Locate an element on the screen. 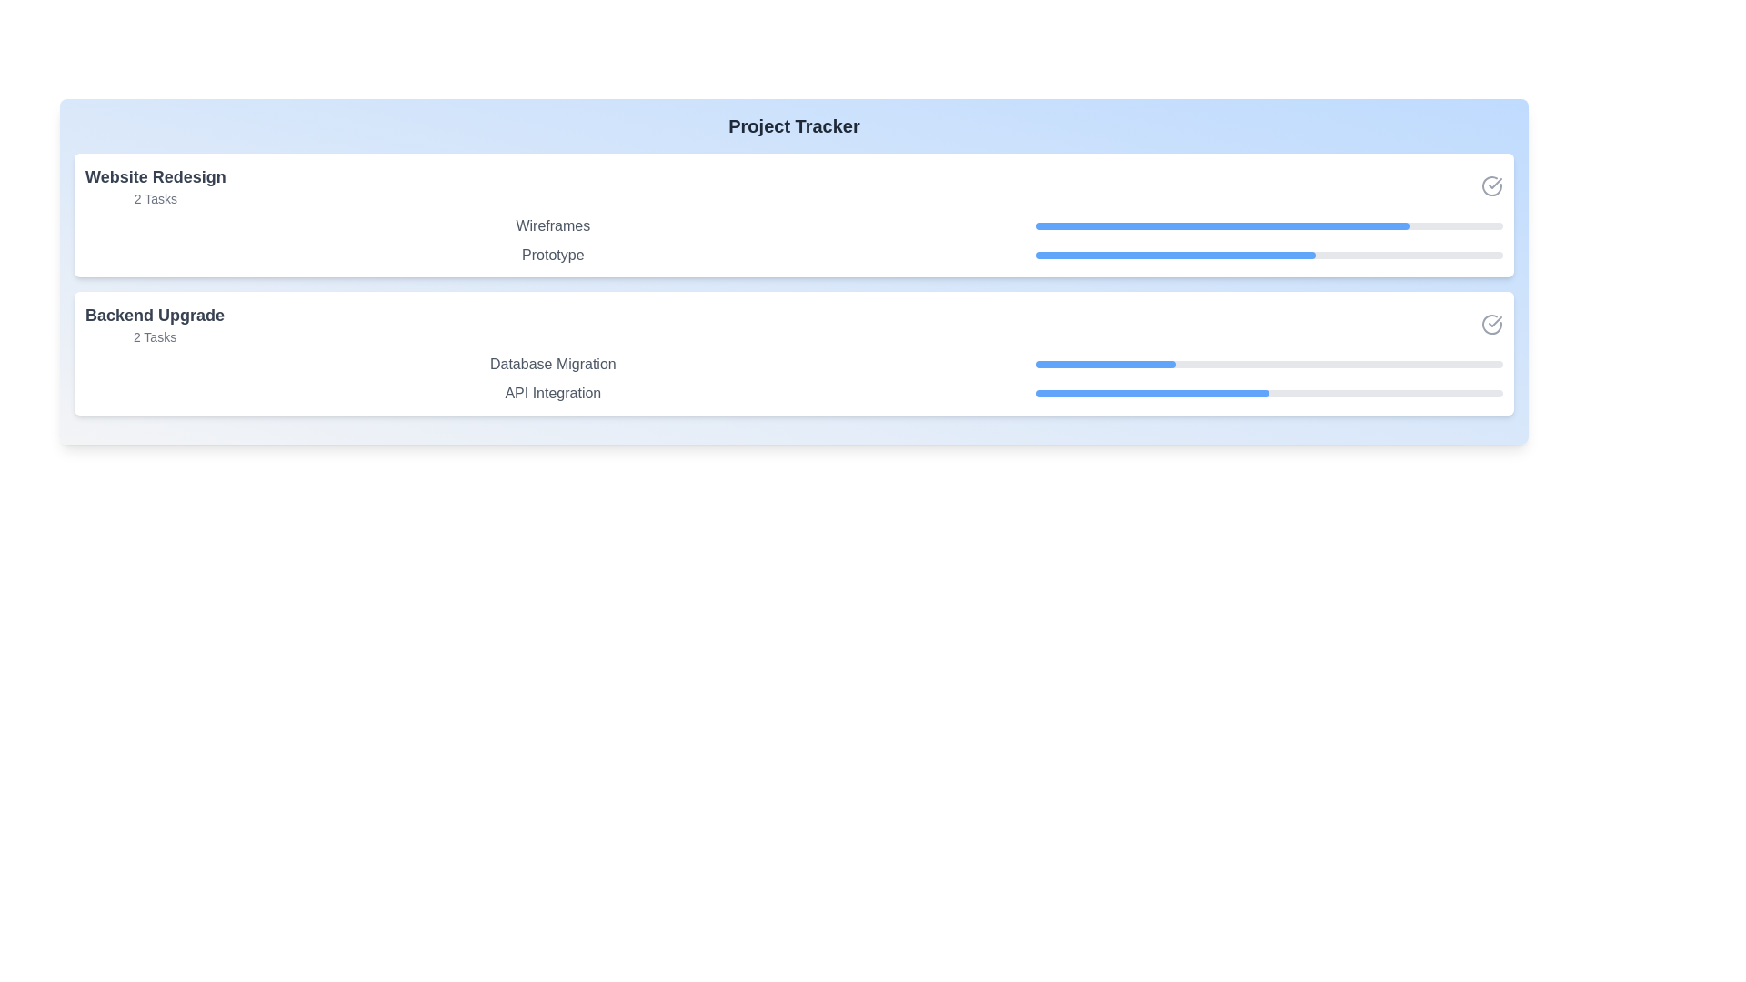 The height and width of the screenshot is (982, 1746). the title text element is located at coordinates (156, 177).